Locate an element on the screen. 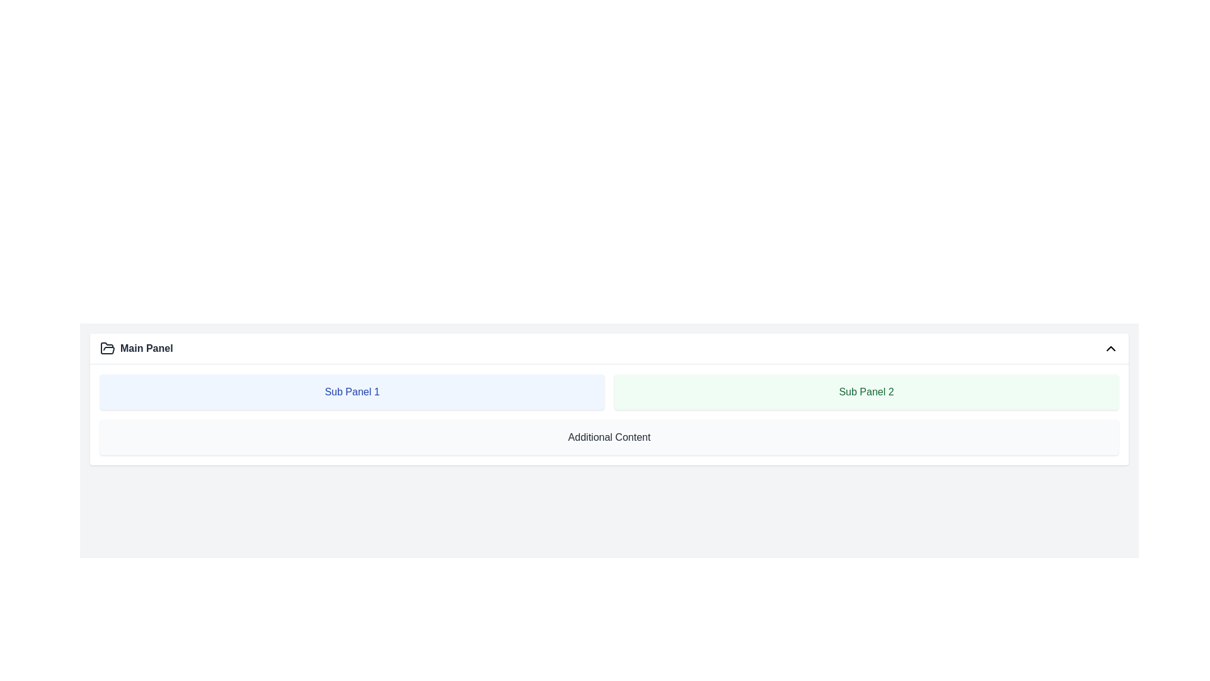 This screenshot has width=1210, height=681. the folder icon located at the leftmost side of the 'Main Panel' header, which is the first visual element preceding the text 'Main Panel' is located at coordinates (108, 348).